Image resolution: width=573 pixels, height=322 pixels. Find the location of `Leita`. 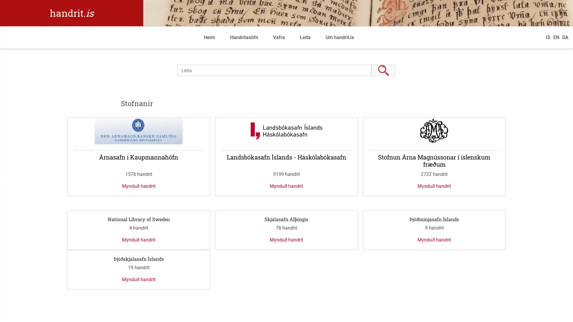

Leita is located at coordinates (383, 70).